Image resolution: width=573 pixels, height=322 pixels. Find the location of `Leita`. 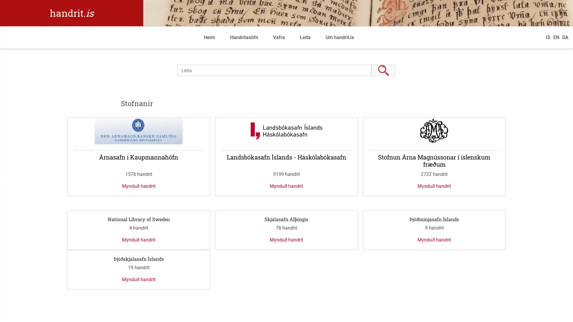

Leita is located at coordinates (383, 70).